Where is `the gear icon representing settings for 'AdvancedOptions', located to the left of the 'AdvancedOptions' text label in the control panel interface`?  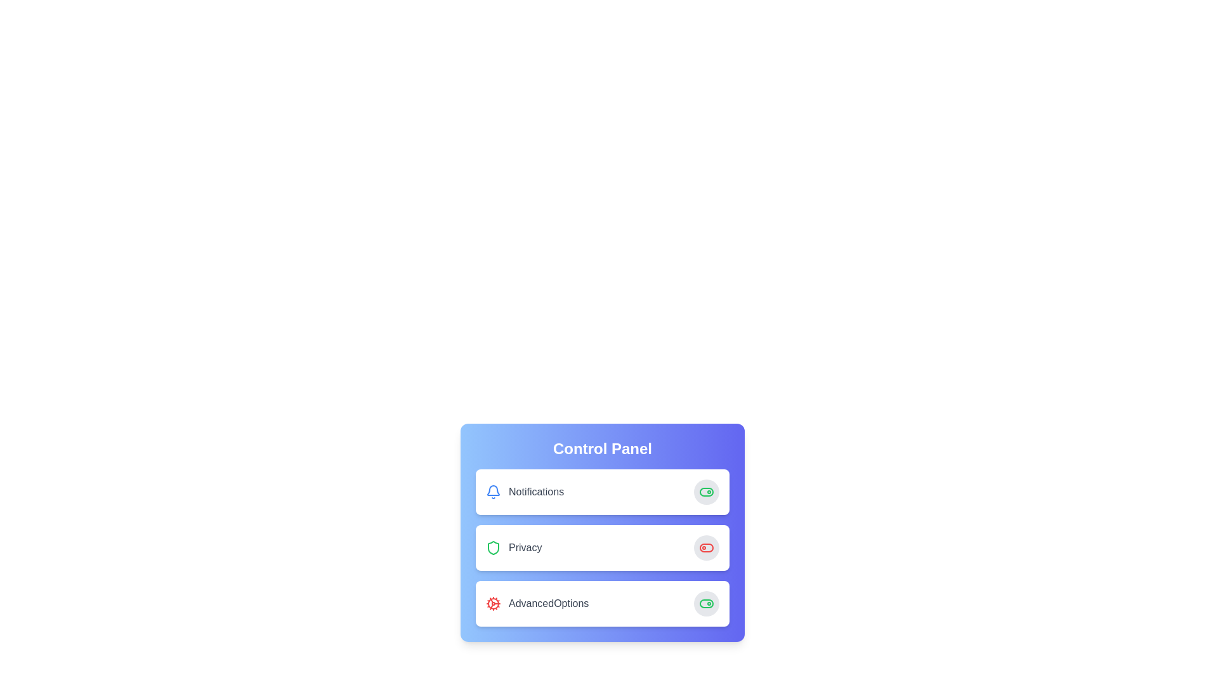 the gear icon representing settings for 'AdvancedOptions', located to the left of the 'AdvancedOptions' text label in the control panel interface is located at coordinates (492, 603).